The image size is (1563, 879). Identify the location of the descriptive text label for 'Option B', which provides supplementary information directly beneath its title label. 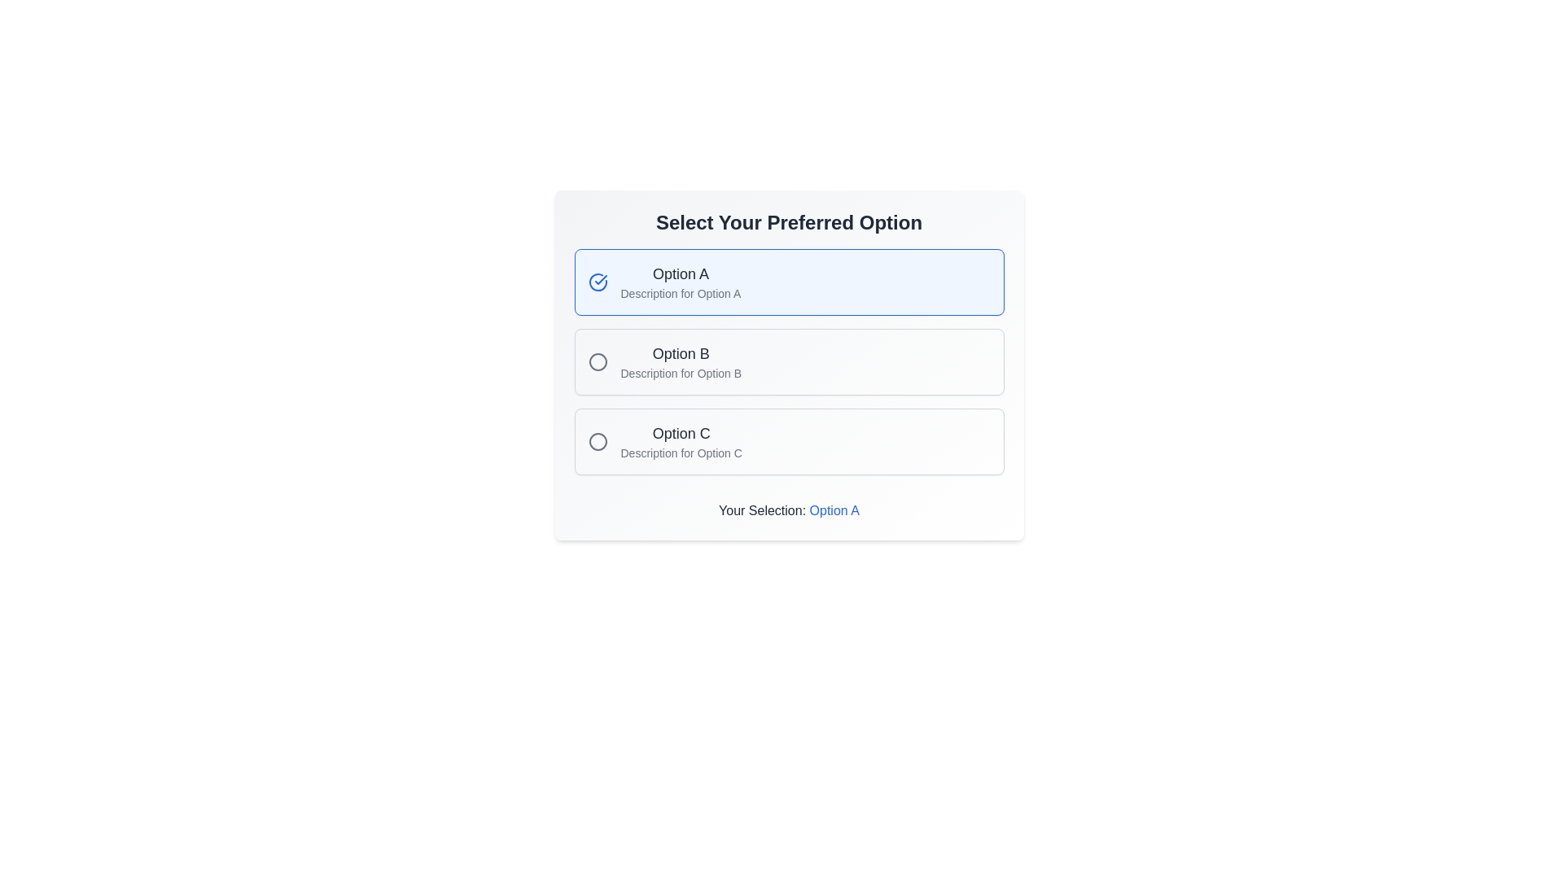
(681, 374).